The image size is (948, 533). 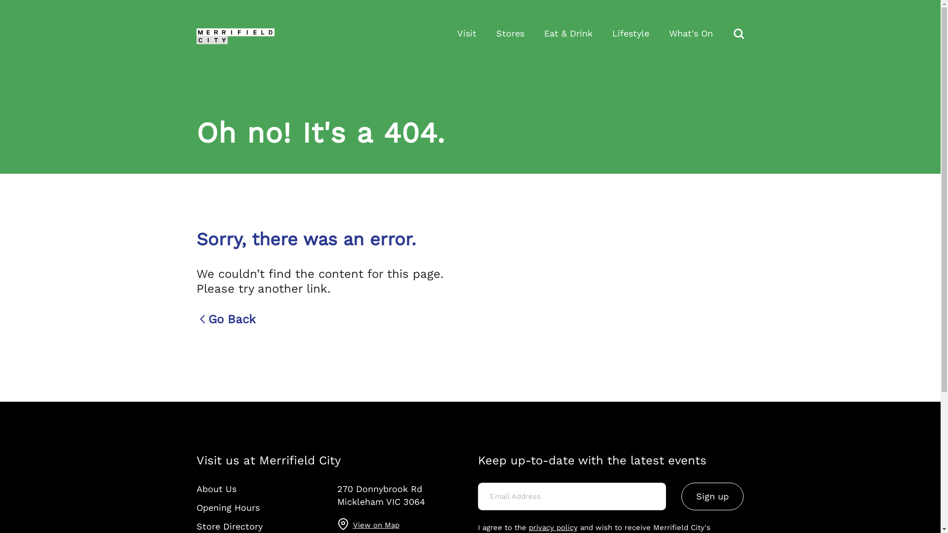 What do you see at coordinates (552, 527) in the screenshot?
I see `'privacy policy'` at bounding box center [552, 527].